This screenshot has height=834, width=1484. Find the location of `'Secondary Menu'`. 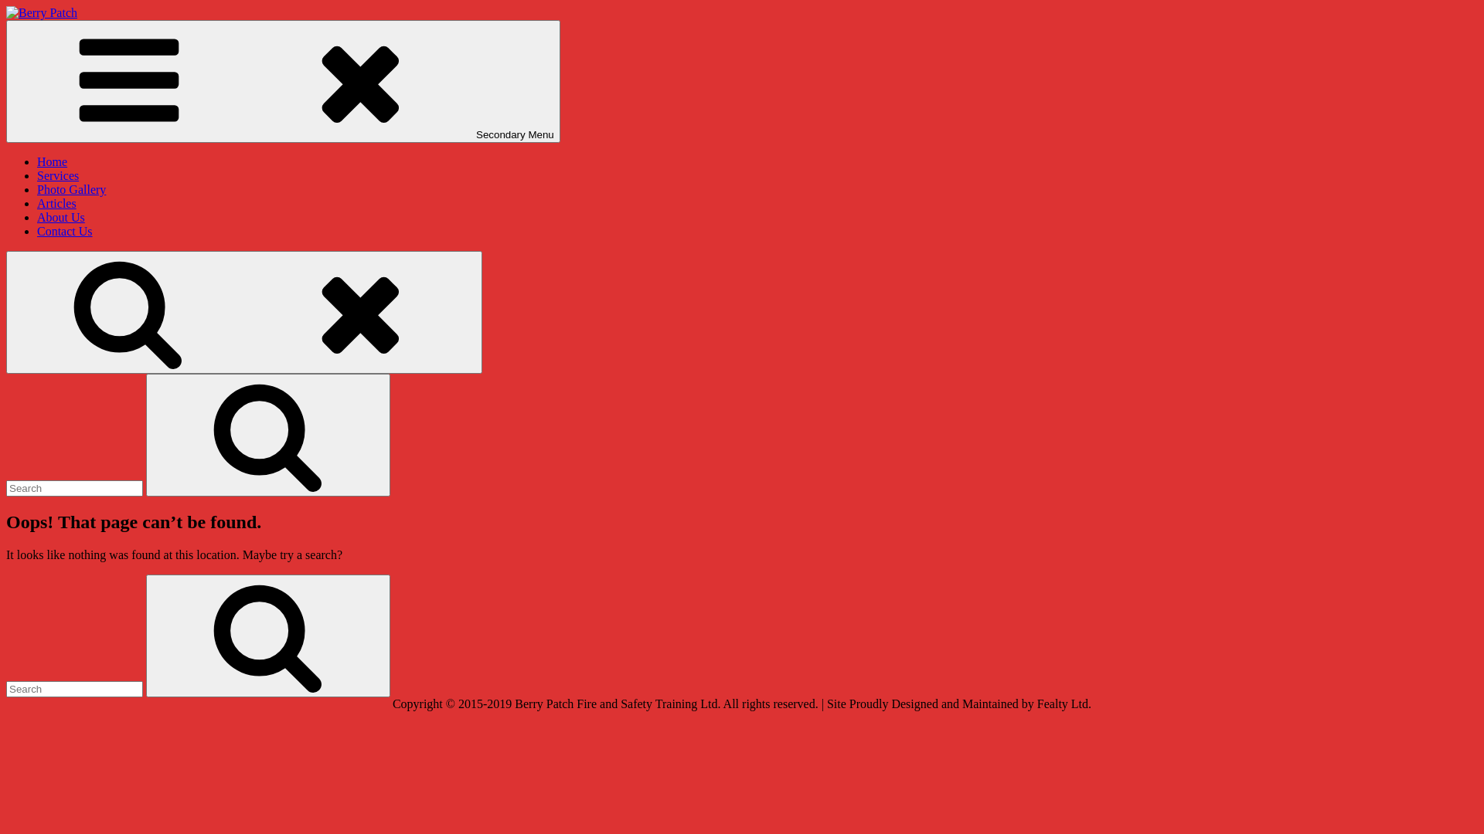

'Secondary Menu' is located at coordinates (283, 81).